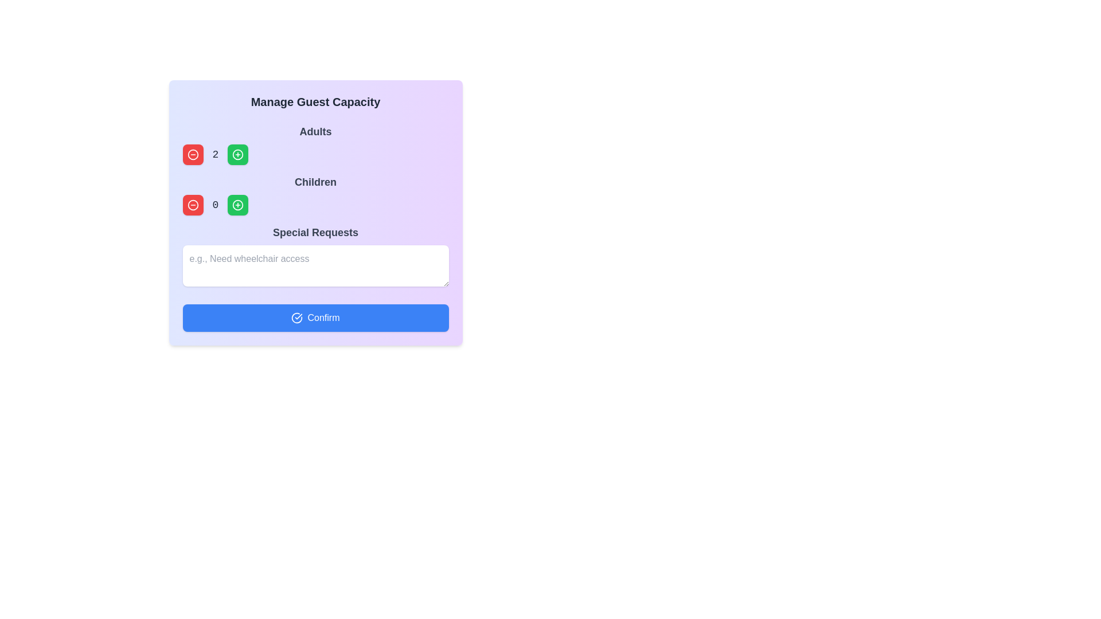 This screenshot has width=1101, height=619. Describe the element at coordinates (193, 155) in the screenshot. I see `the red circular button with a white border and a minus sign icon located in the 'Adults' row of the 'Manage Guest Capacity' card to decrease the count` at that location.